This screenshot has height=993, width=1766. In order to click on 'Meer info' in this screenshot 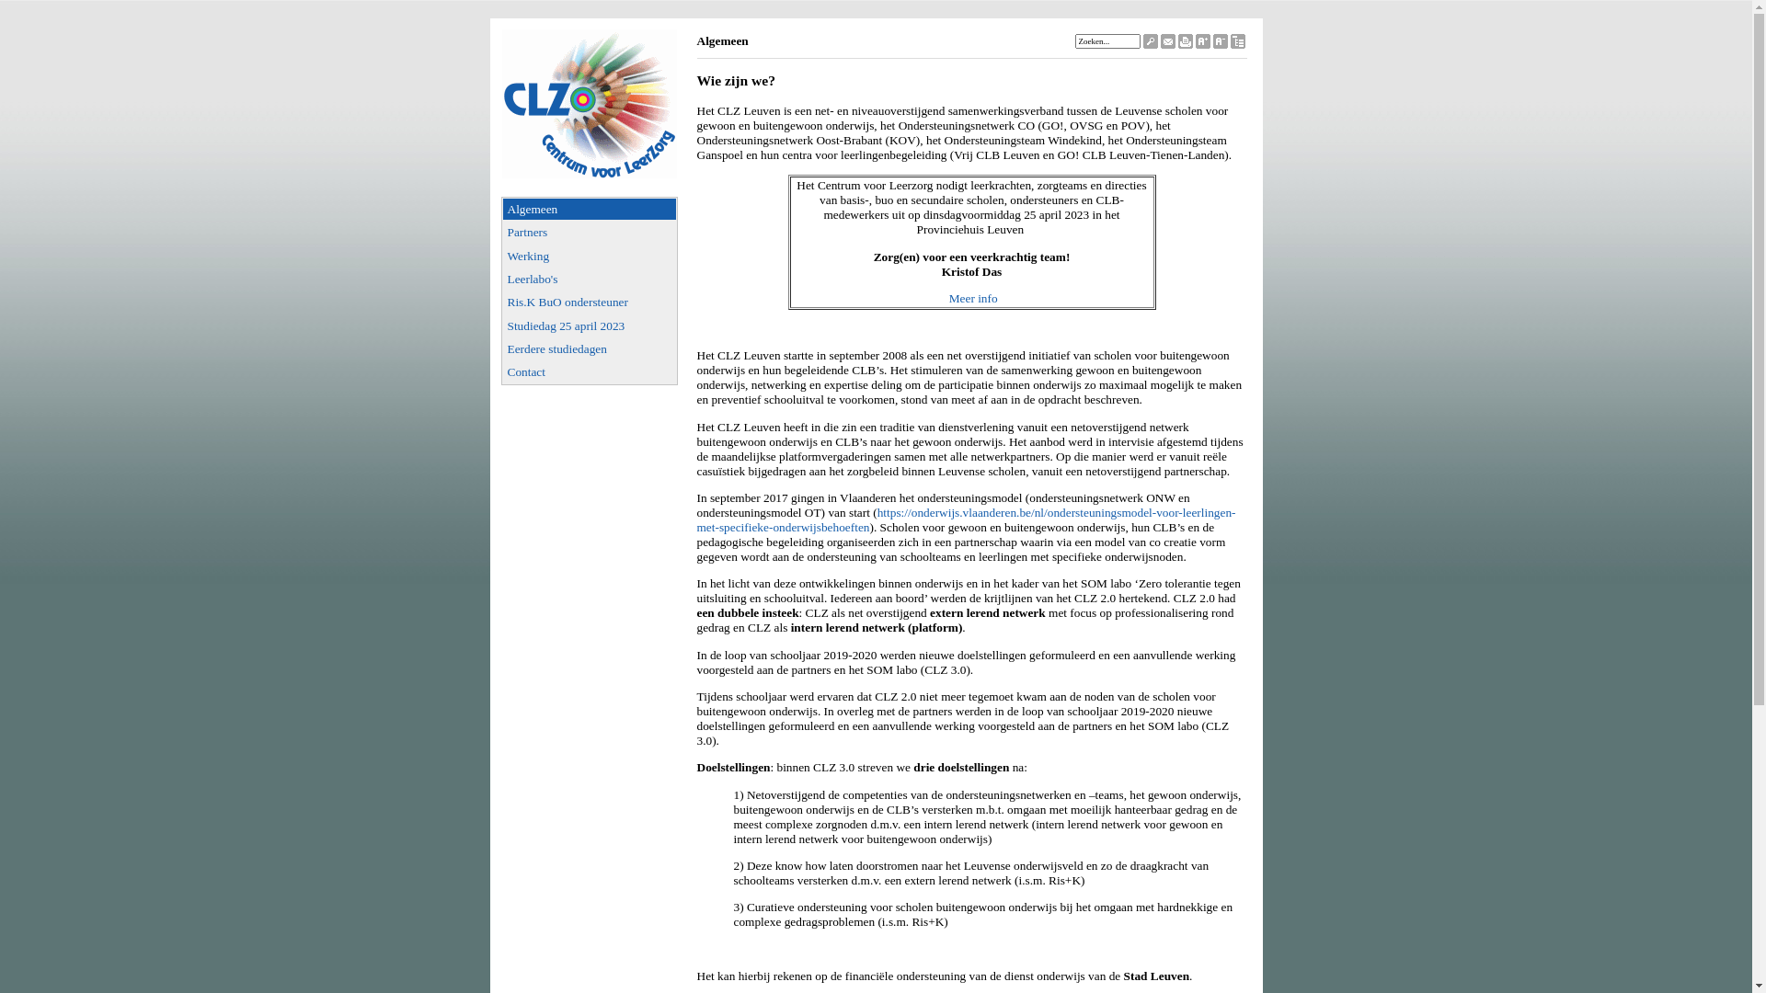, I will do `click(972, 297)`.